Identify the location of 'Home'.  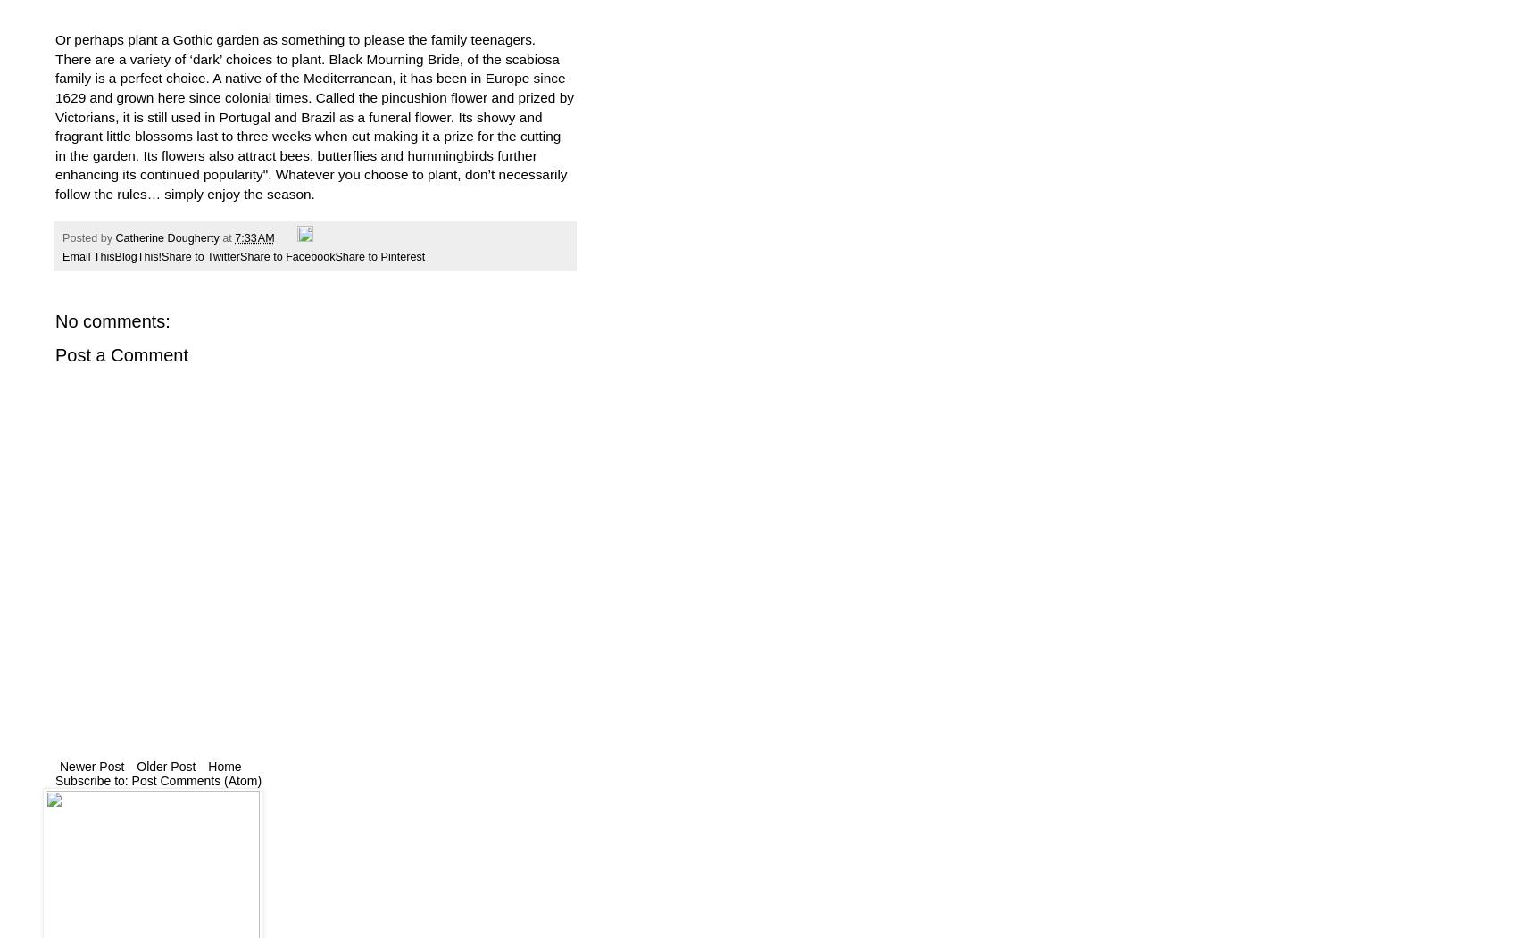
(208, 765).